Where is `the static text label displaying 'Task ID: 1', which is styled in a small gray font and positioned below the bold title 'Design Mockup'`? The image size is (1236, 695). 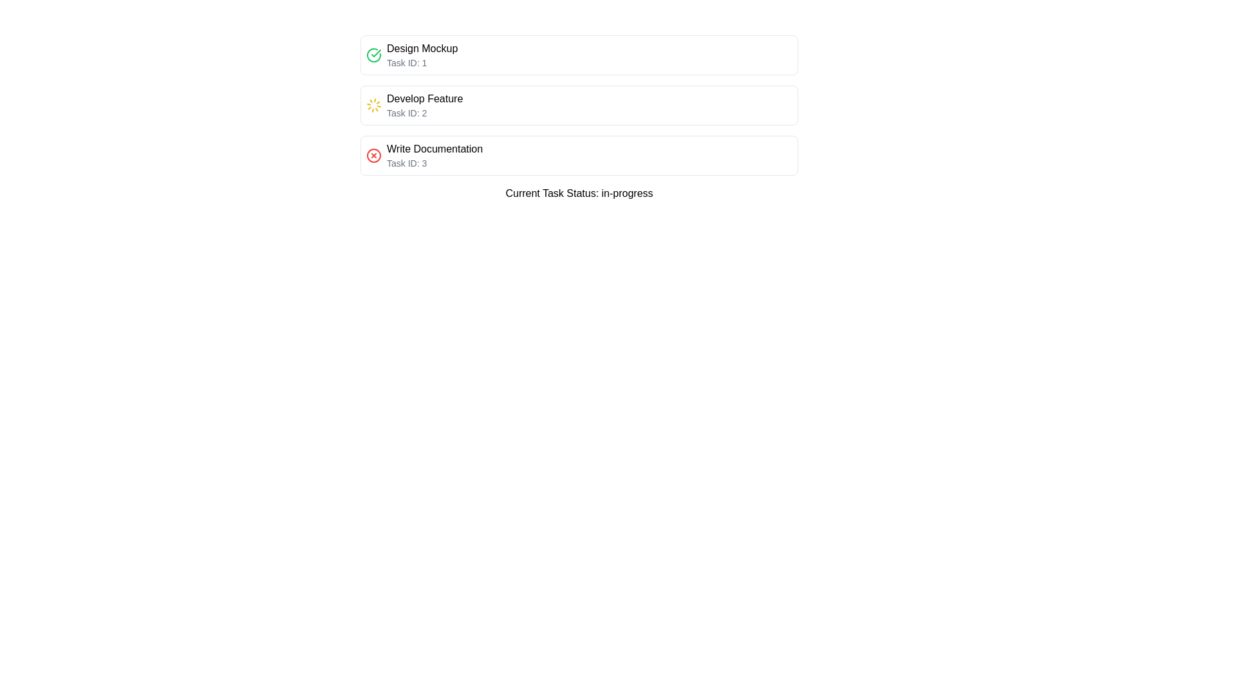 the static text label displaying 'Task ID: 1', which is styled in a small gray font and positioned below the bold title 'Design Mockup' is located at coordinates (422, 62).